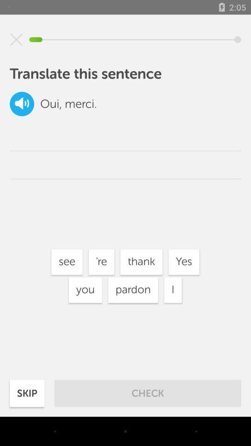 Image resolution: width=251 pixels, height=446 pixels. What do you see at coordinates (141, 262) in the screenshot?
I see `icon to the left of the i` at bounding box center [141, 262].